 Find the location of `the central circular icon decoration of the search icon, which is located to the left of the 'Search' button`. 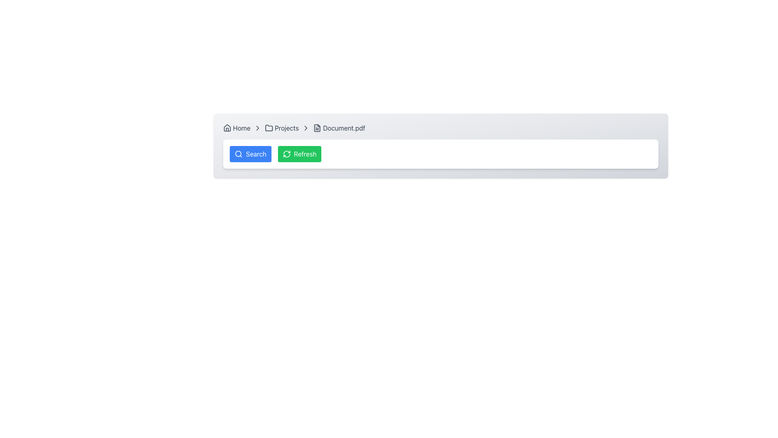

the central circular icon decoration of the search icon, which is located to the left of the 'Search' button is located at coordinates (238, 154).